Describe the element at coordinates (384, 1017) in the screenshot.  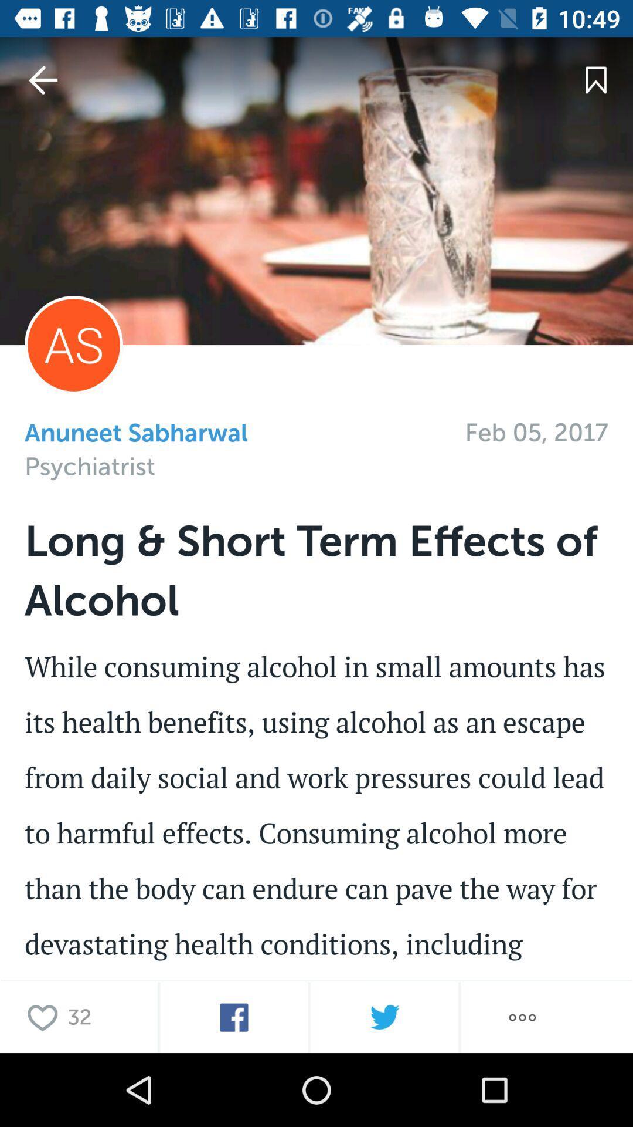
I see `twitter profile` at that location.